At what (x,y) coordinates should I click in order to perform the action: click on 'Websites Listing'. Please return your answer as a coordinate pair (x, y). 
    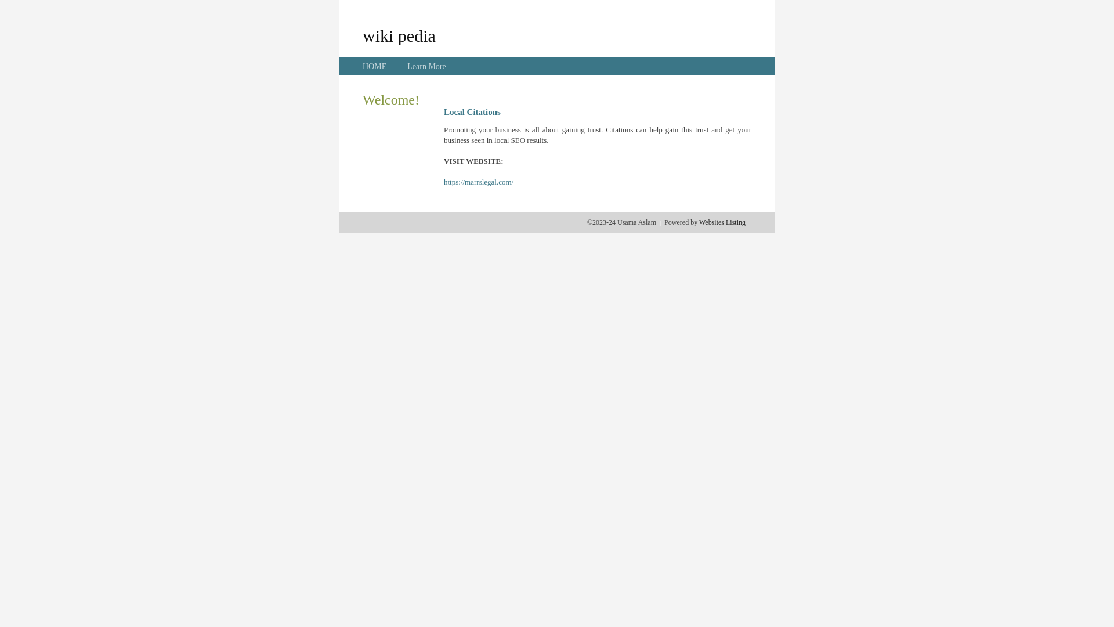
    Looking at the image, I should click on (721, 222).